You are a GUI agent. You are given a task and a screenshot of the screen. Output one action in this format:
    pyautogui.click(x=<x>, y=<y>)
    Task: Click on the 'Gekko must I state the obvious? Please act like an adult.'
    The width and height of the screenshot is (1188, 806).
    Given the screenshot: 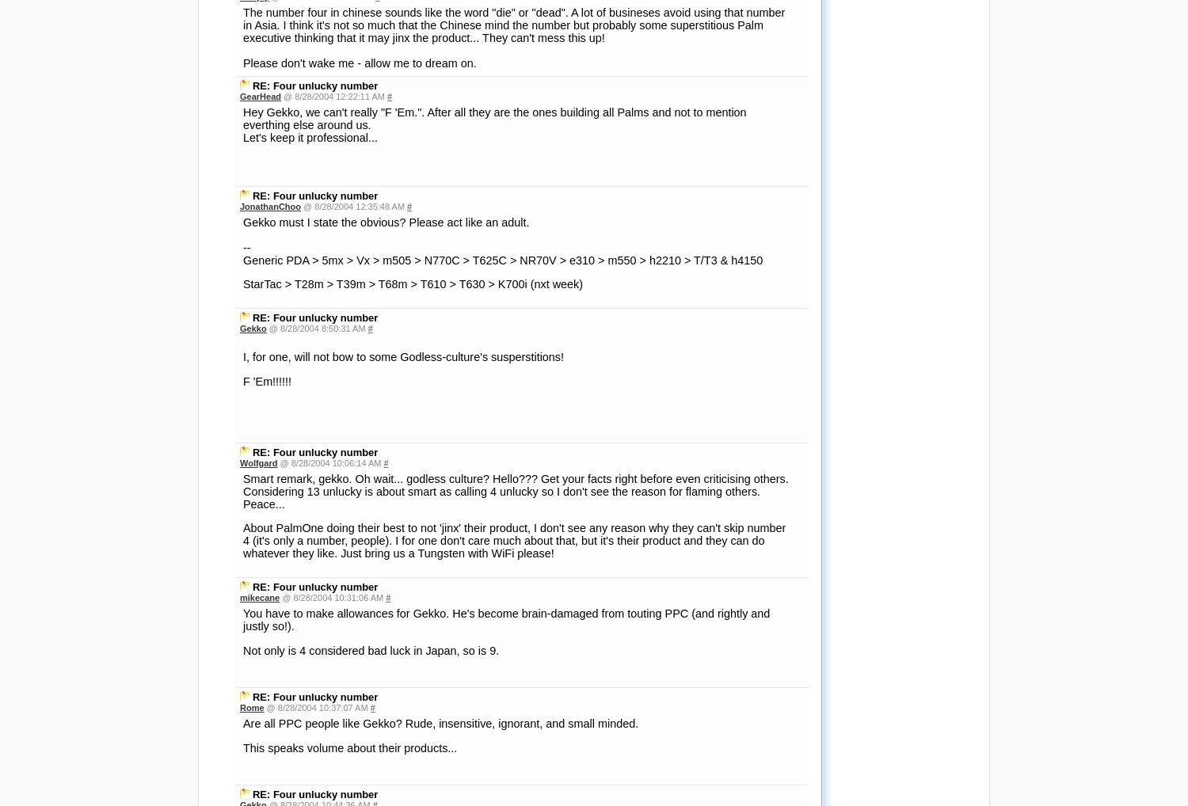 What is the action you would take?
    pyautogui.click(x=385, y=221)
    